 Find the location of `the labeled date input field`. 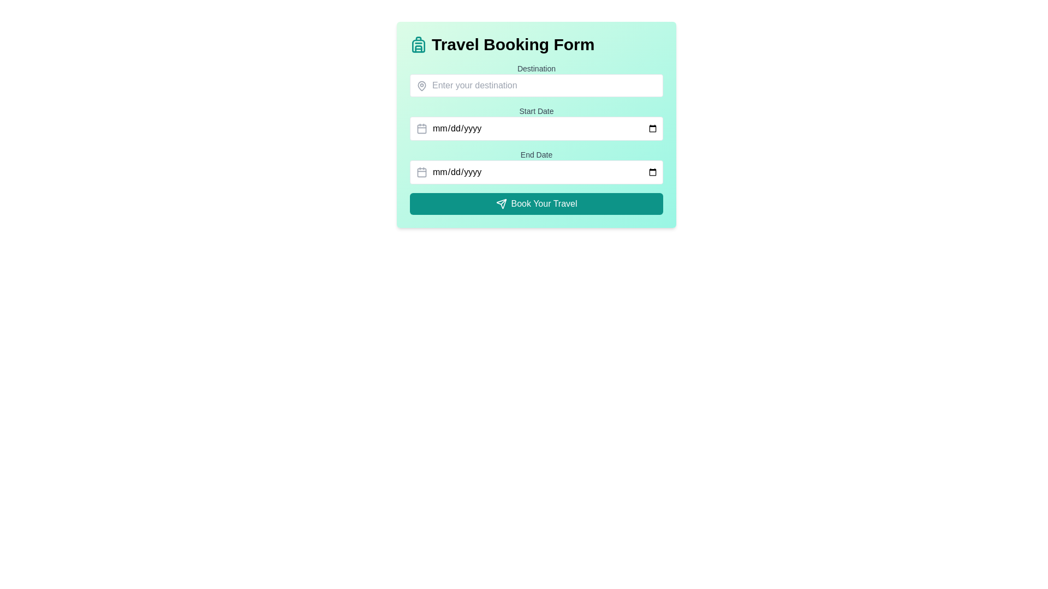

the labeled date input field is located at coordinates (537, 123).